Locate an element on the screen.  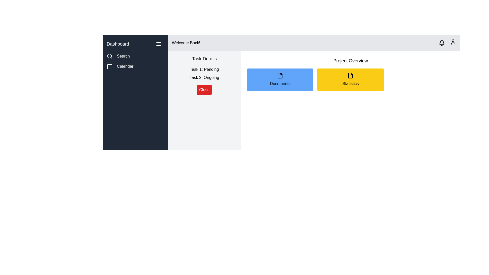
the search icon located on the left sidebar near the top, adjacent to the text 'Search' is located at coordinates (110, 56).